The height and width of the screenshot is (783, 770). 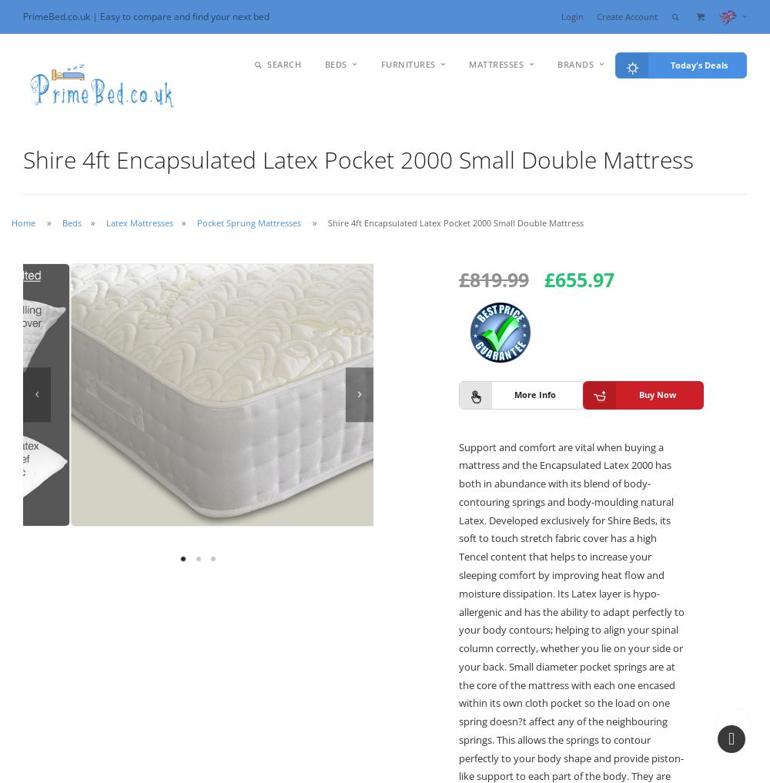 What do you see at coordinates (364, 323) in the screenshot?
I see `'Sofa Beds'` at bounding box center [364, 323].